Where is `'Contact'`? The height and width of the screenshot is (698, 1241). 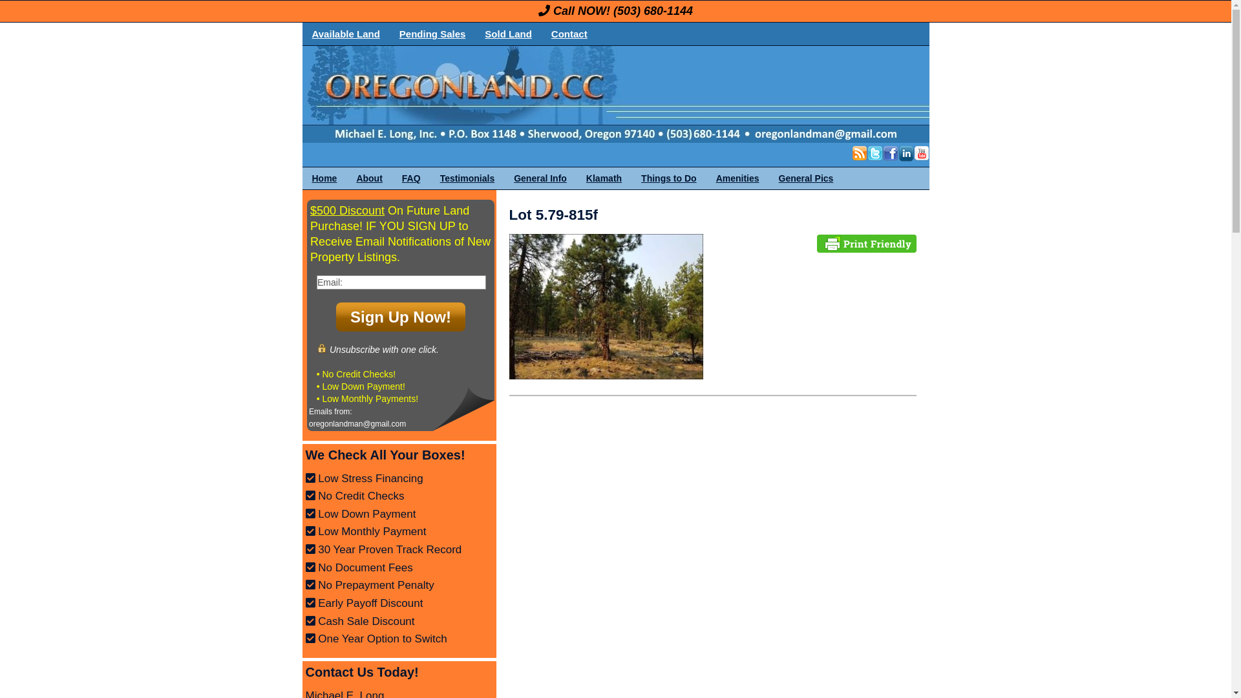
'Contact' is located at coordinates (569, 33).